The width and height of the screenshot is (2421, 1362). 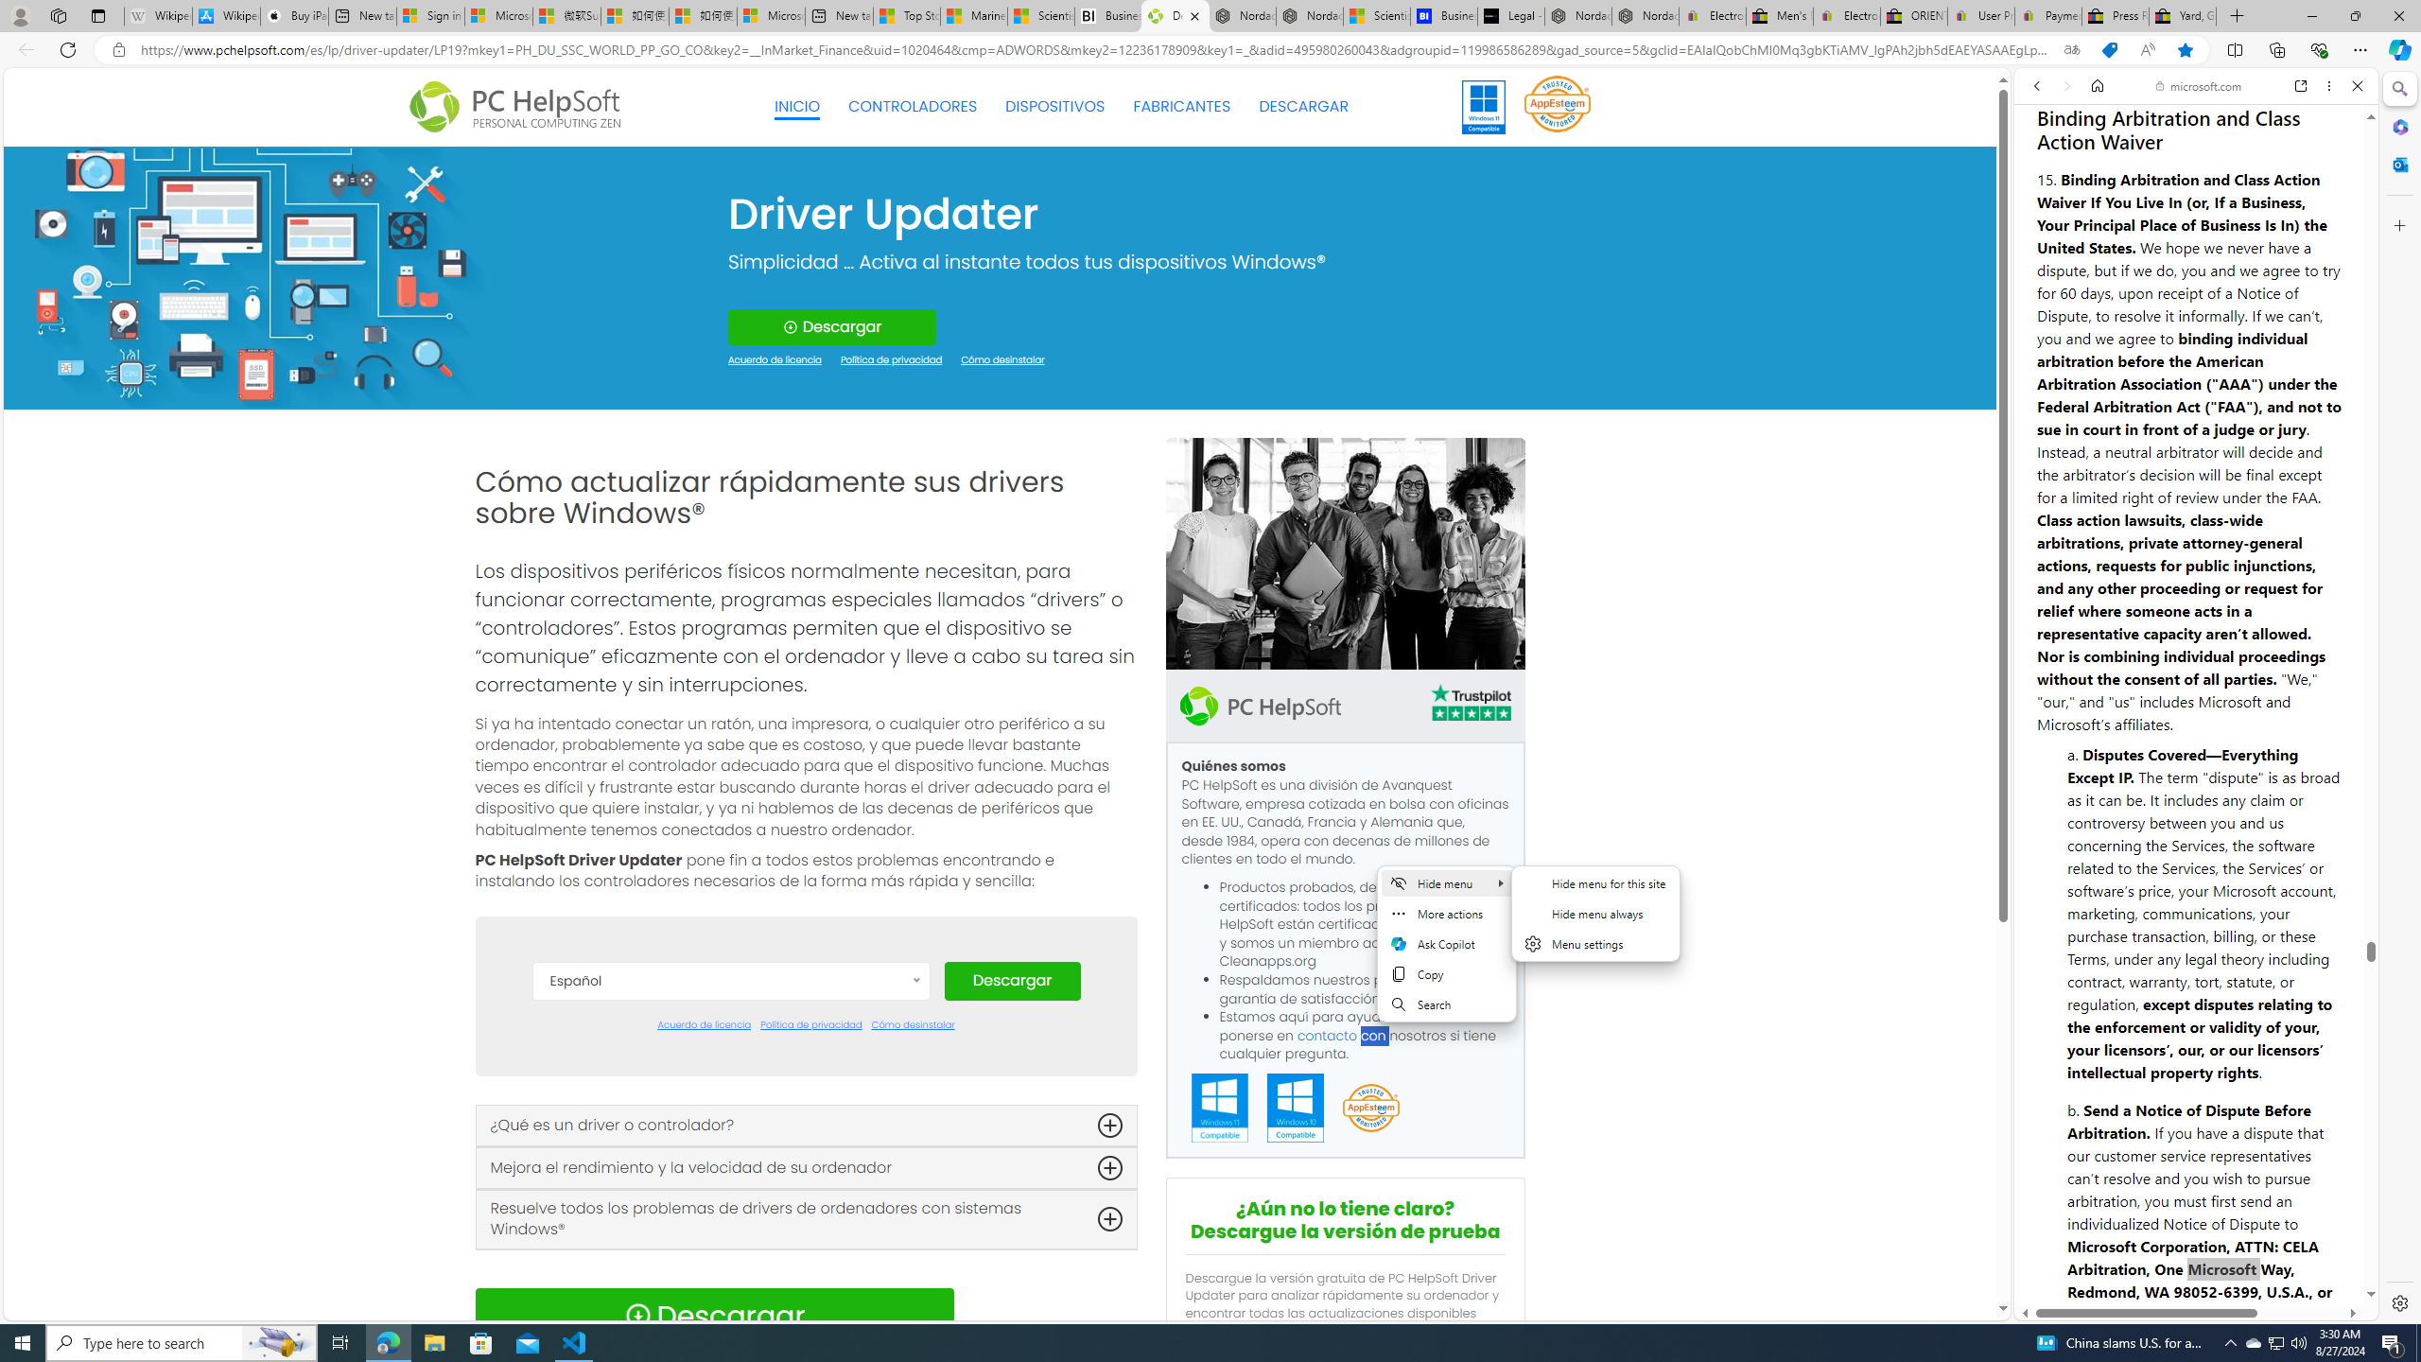 What do you see at coordinates (2397, 88) in the screenshot?
I see `'Minimize Search pane'` at bounding box center [2397, 88].